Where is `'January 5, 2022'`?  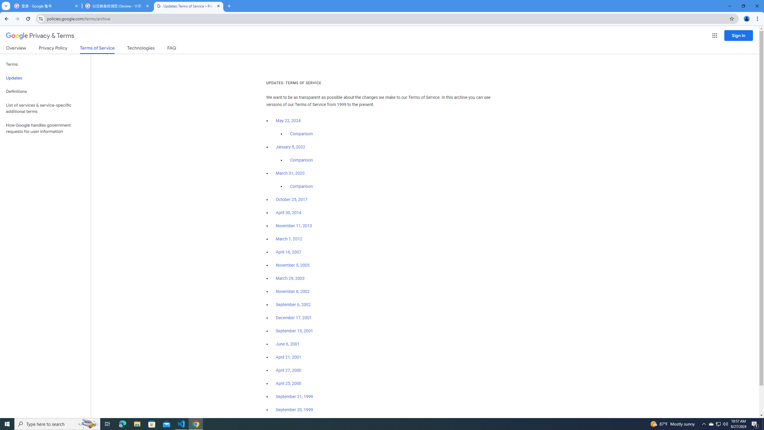
'January 5, 2022' is located at coordinates (291, 147).